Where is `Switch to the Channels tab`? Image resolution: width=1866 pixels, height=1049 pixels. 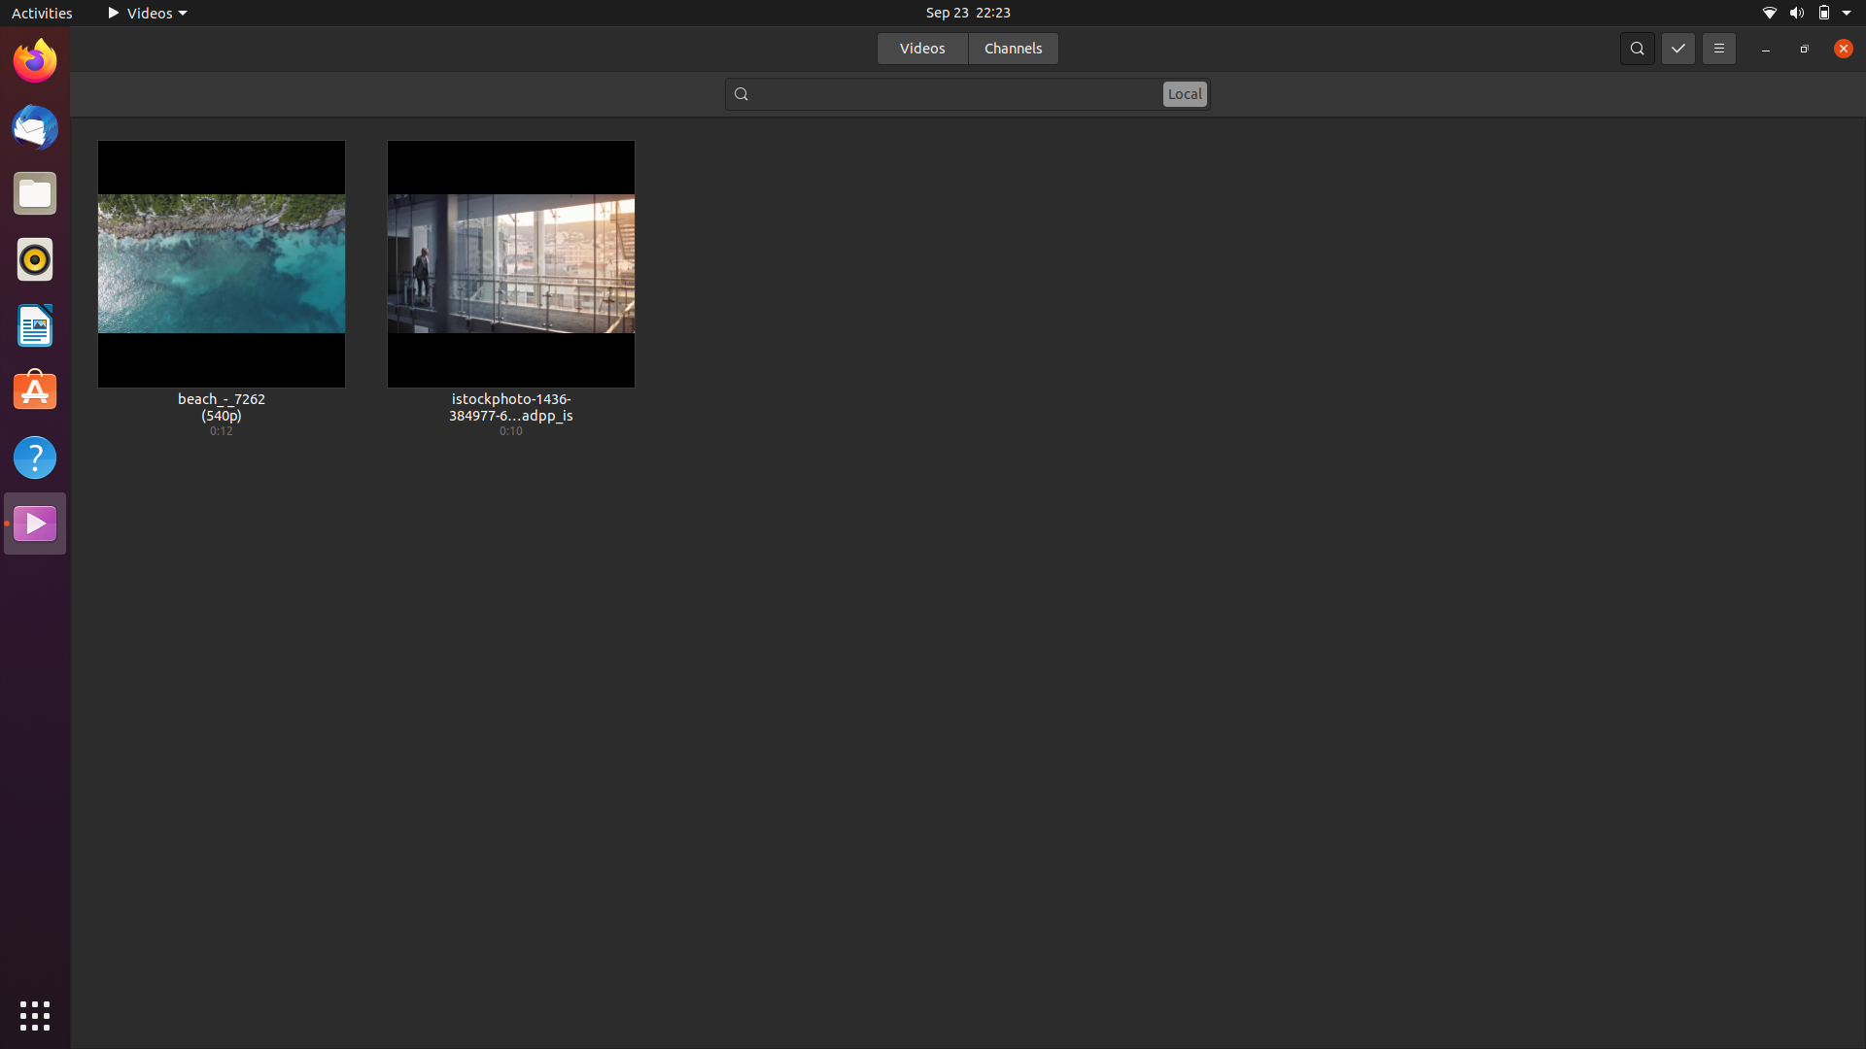
Switch to the Channels tab is located at coordinates (1012, 47).